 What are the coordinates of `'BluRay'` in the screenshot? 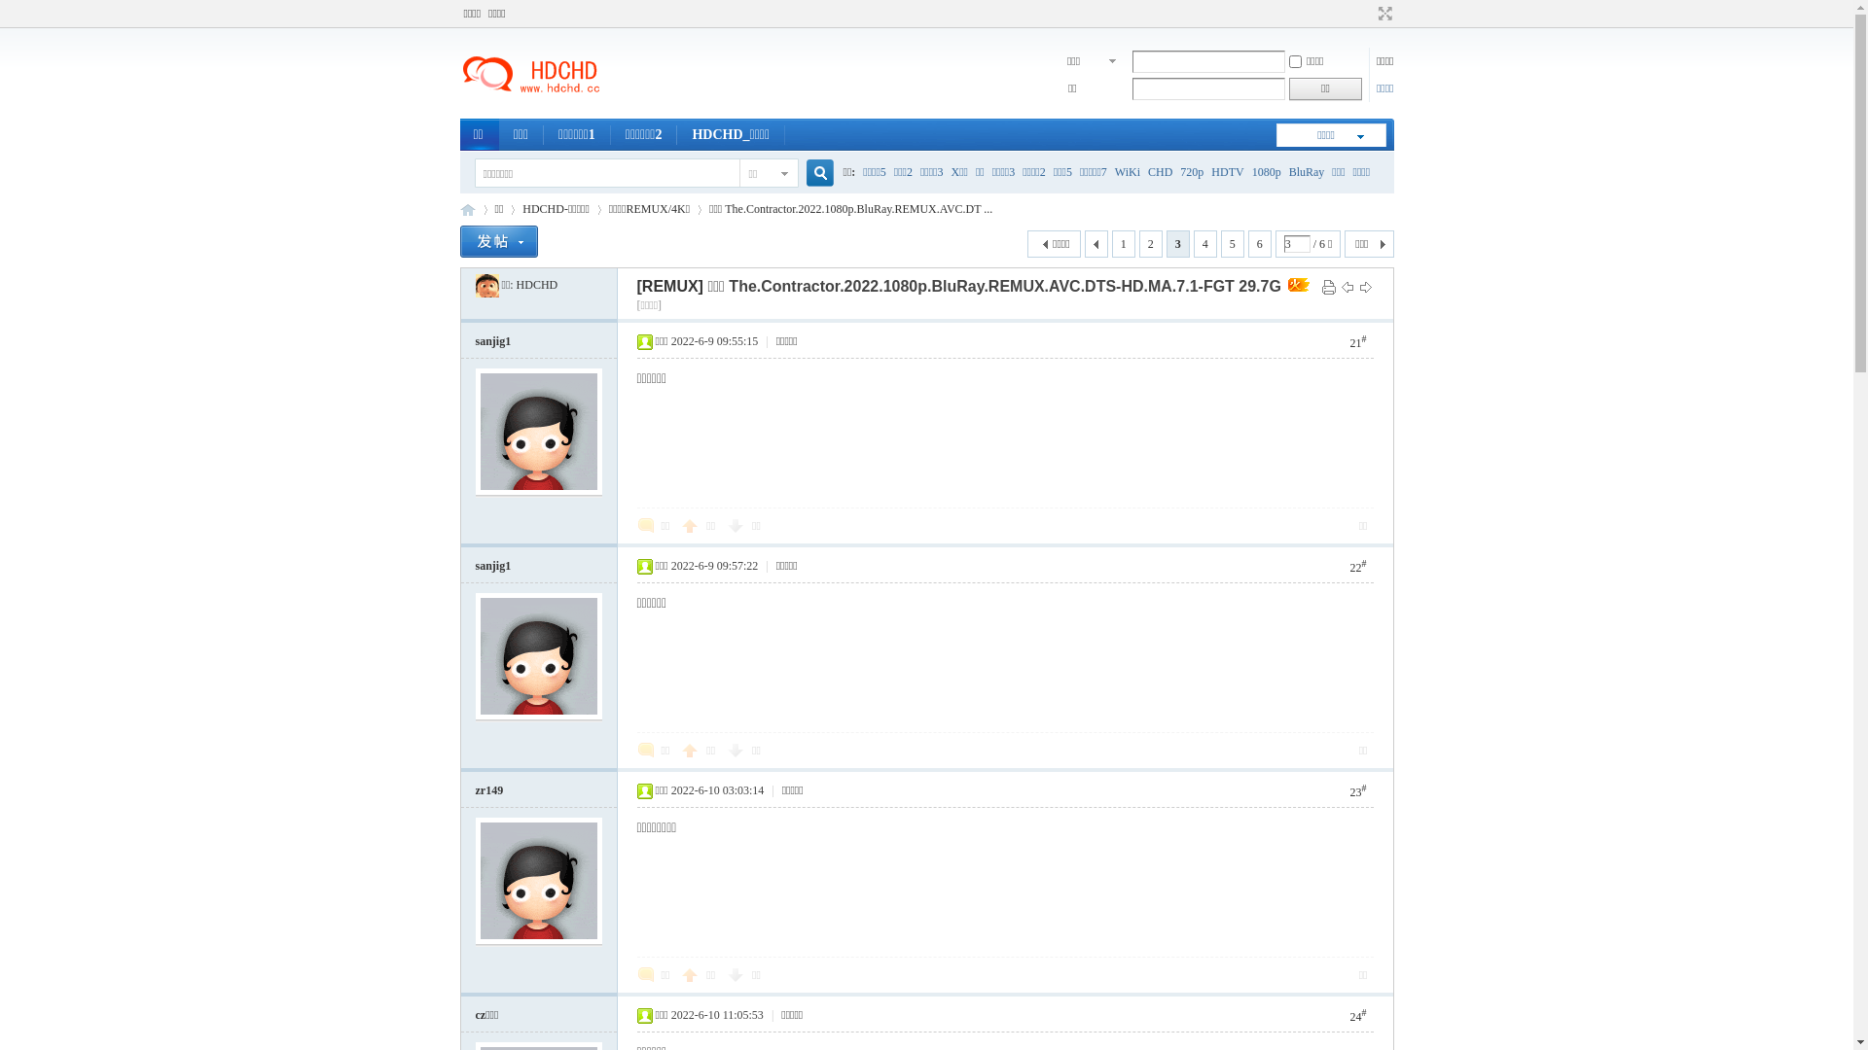 It's located at (1307, 171).